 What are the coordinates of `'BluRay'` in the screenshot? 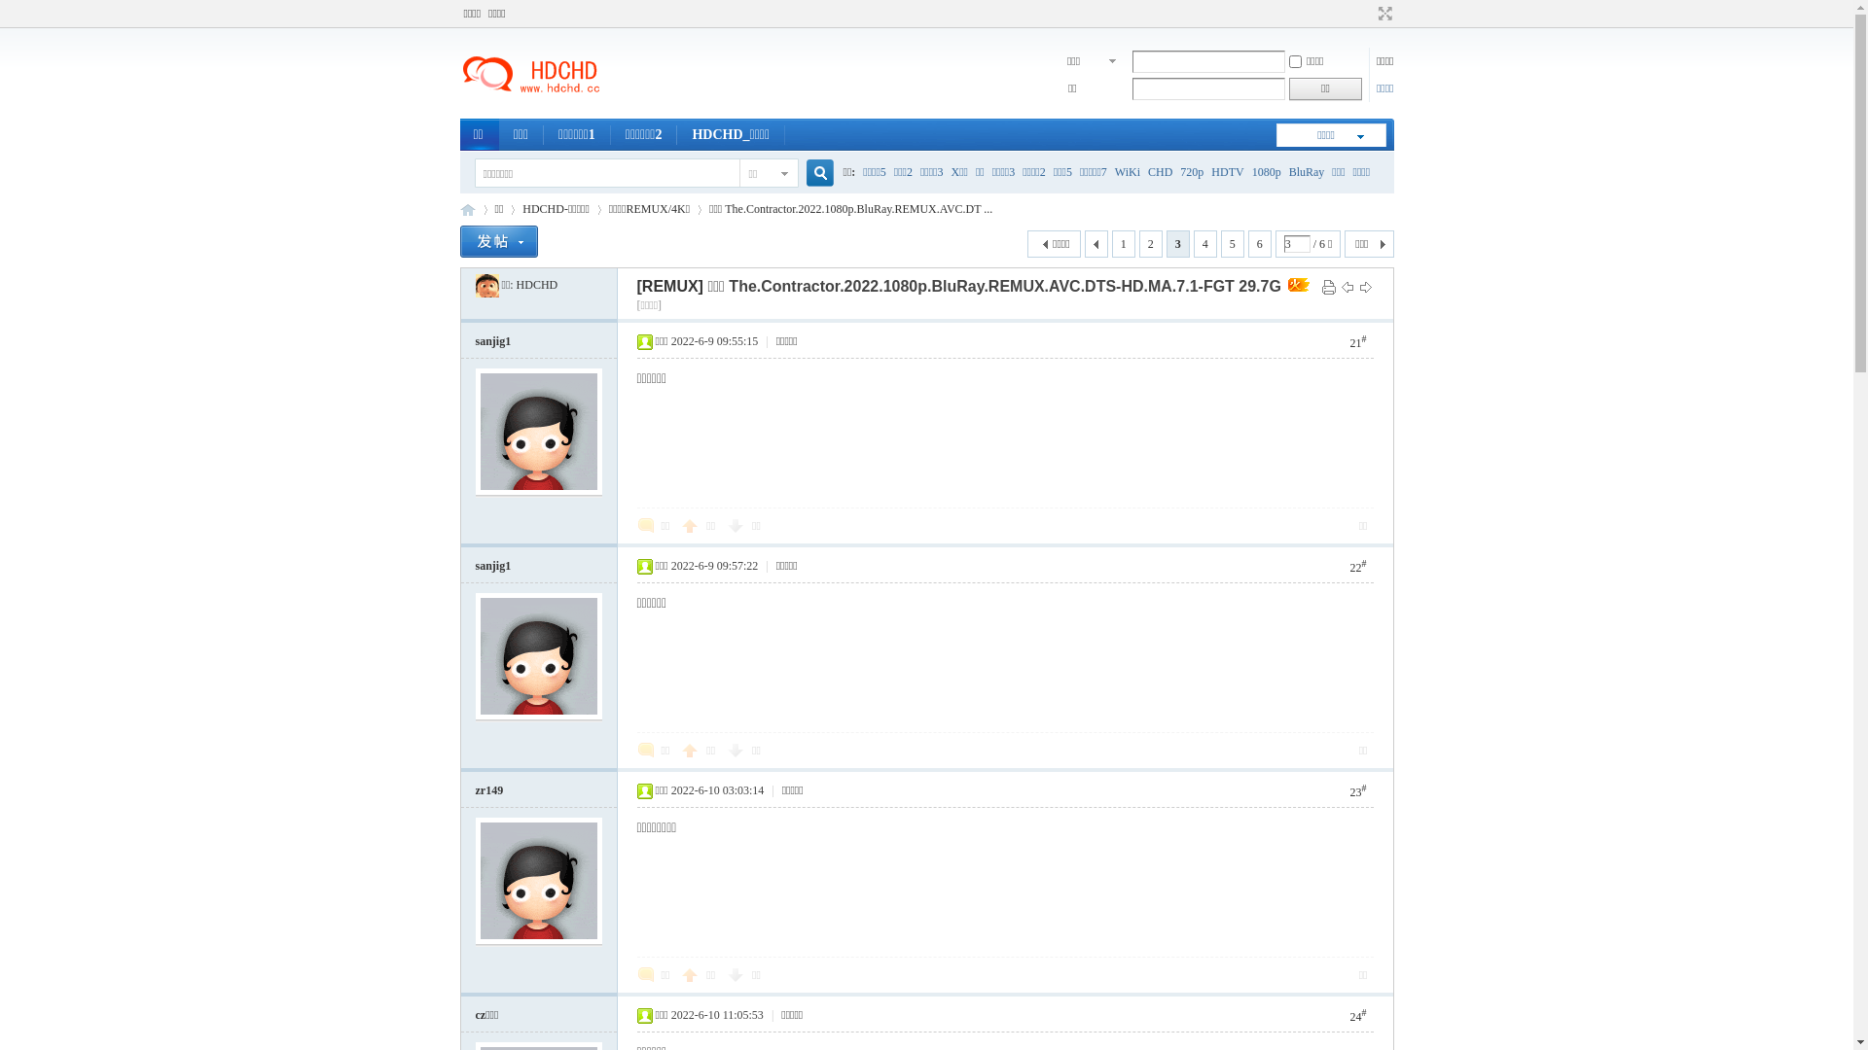 It's located at (1307, 171).